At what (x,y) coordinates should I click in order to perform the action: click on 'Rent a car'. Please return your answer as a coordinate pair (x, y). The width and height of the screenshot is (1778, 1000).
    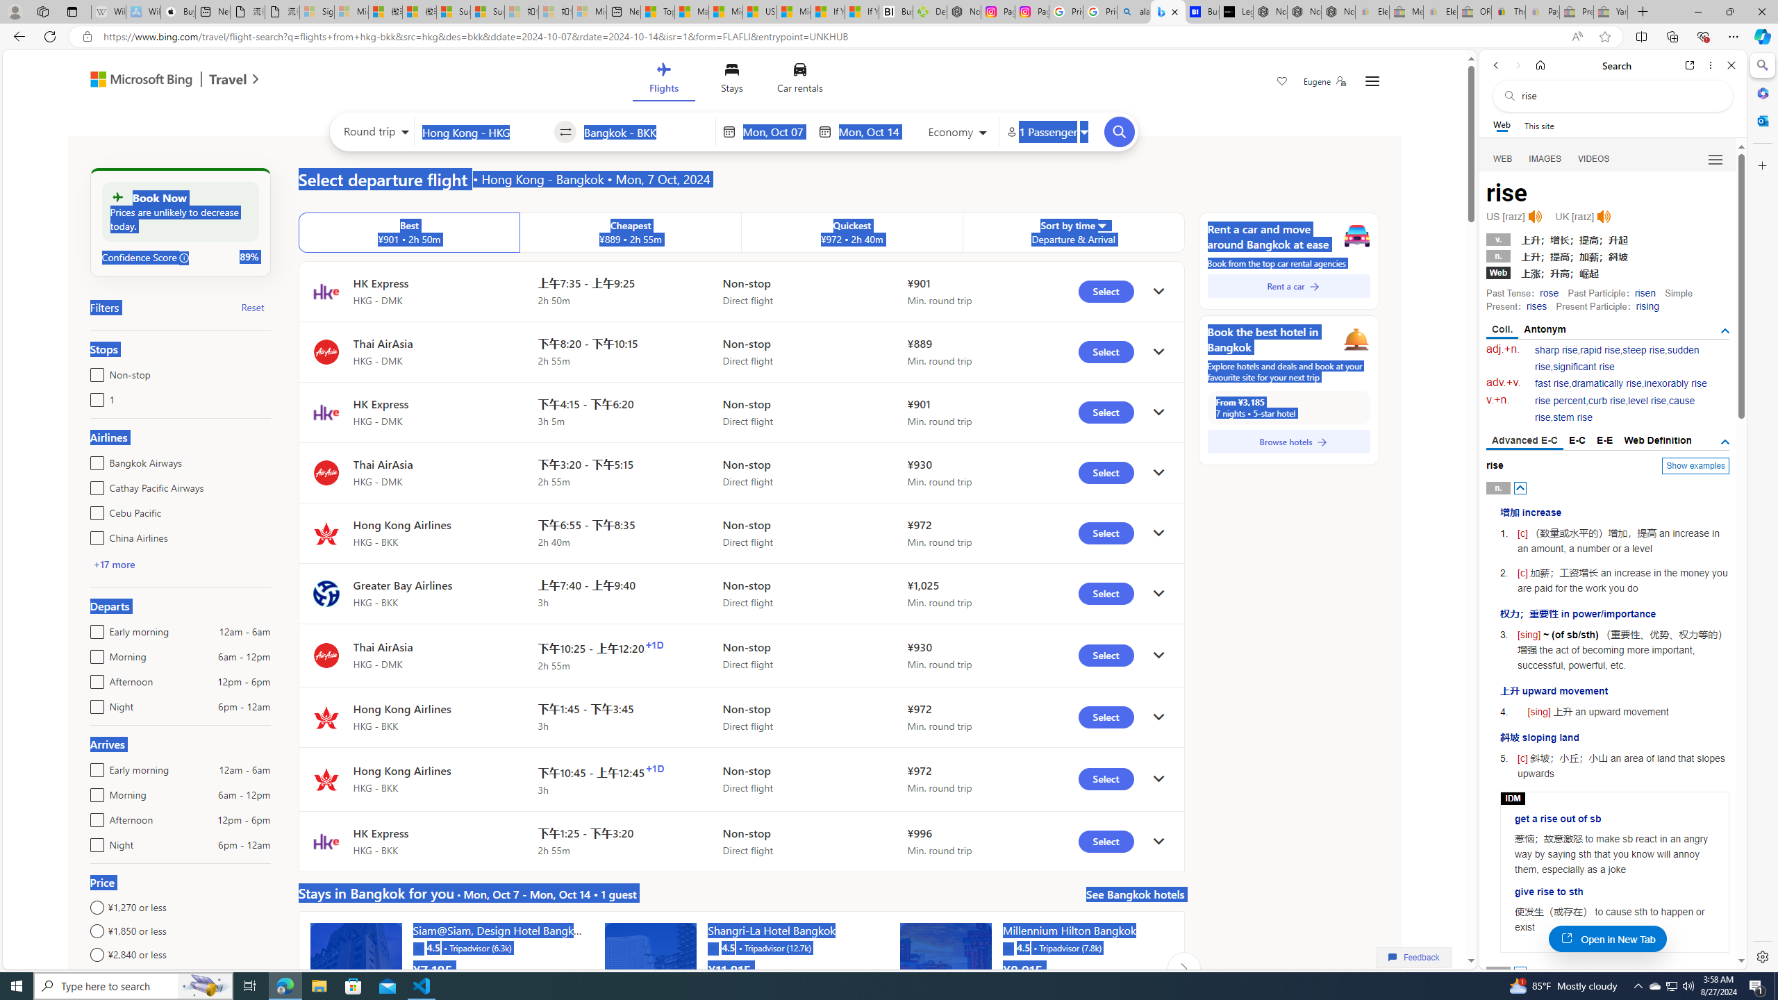
    Looking at the image, I should click on (1288, 285).